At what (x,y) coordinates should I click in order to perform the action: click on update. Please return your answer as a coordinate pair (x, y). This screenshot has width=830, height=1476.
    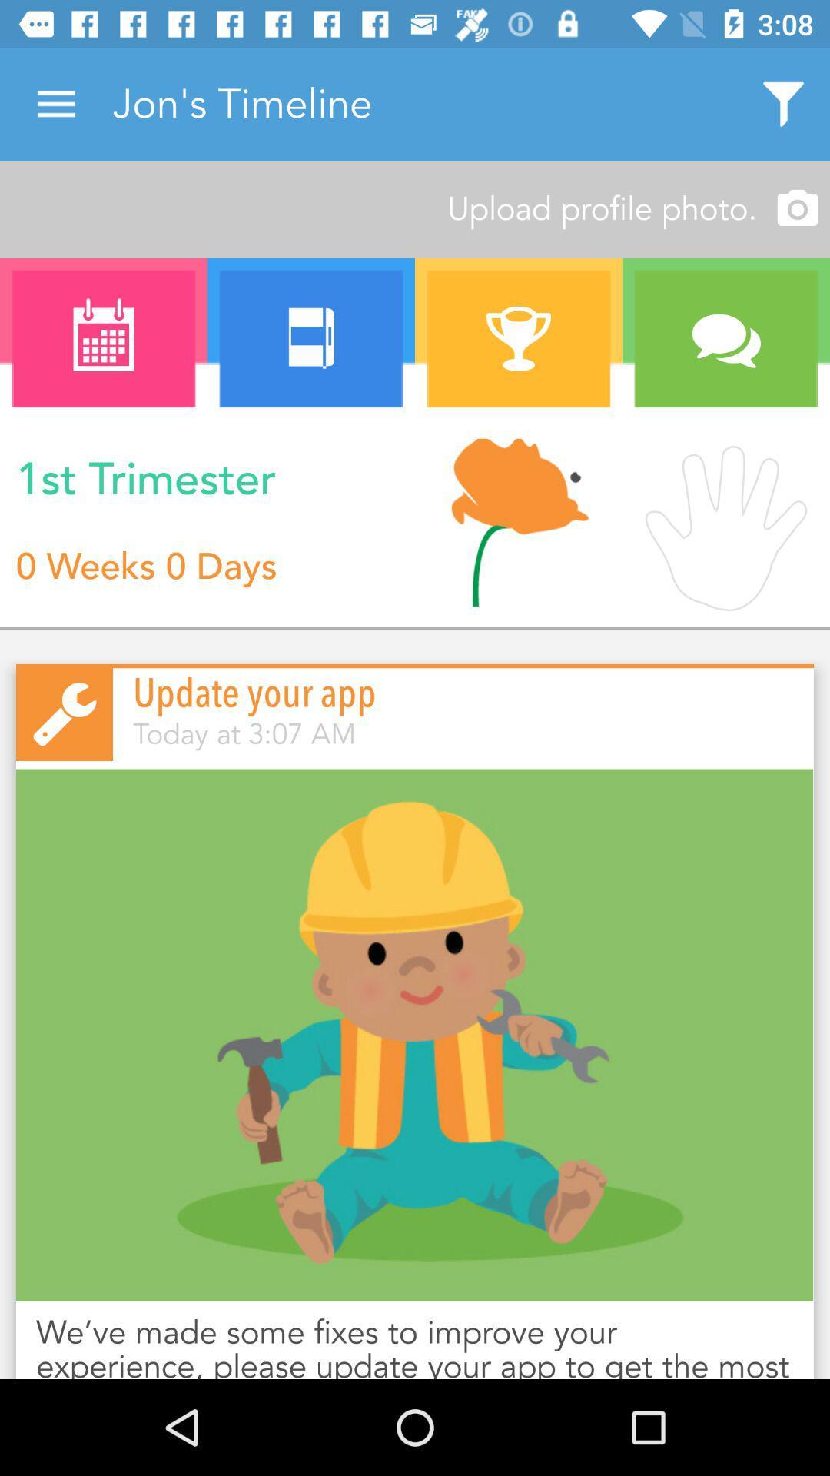
    Looking at the image, I should click on (415, 1035).